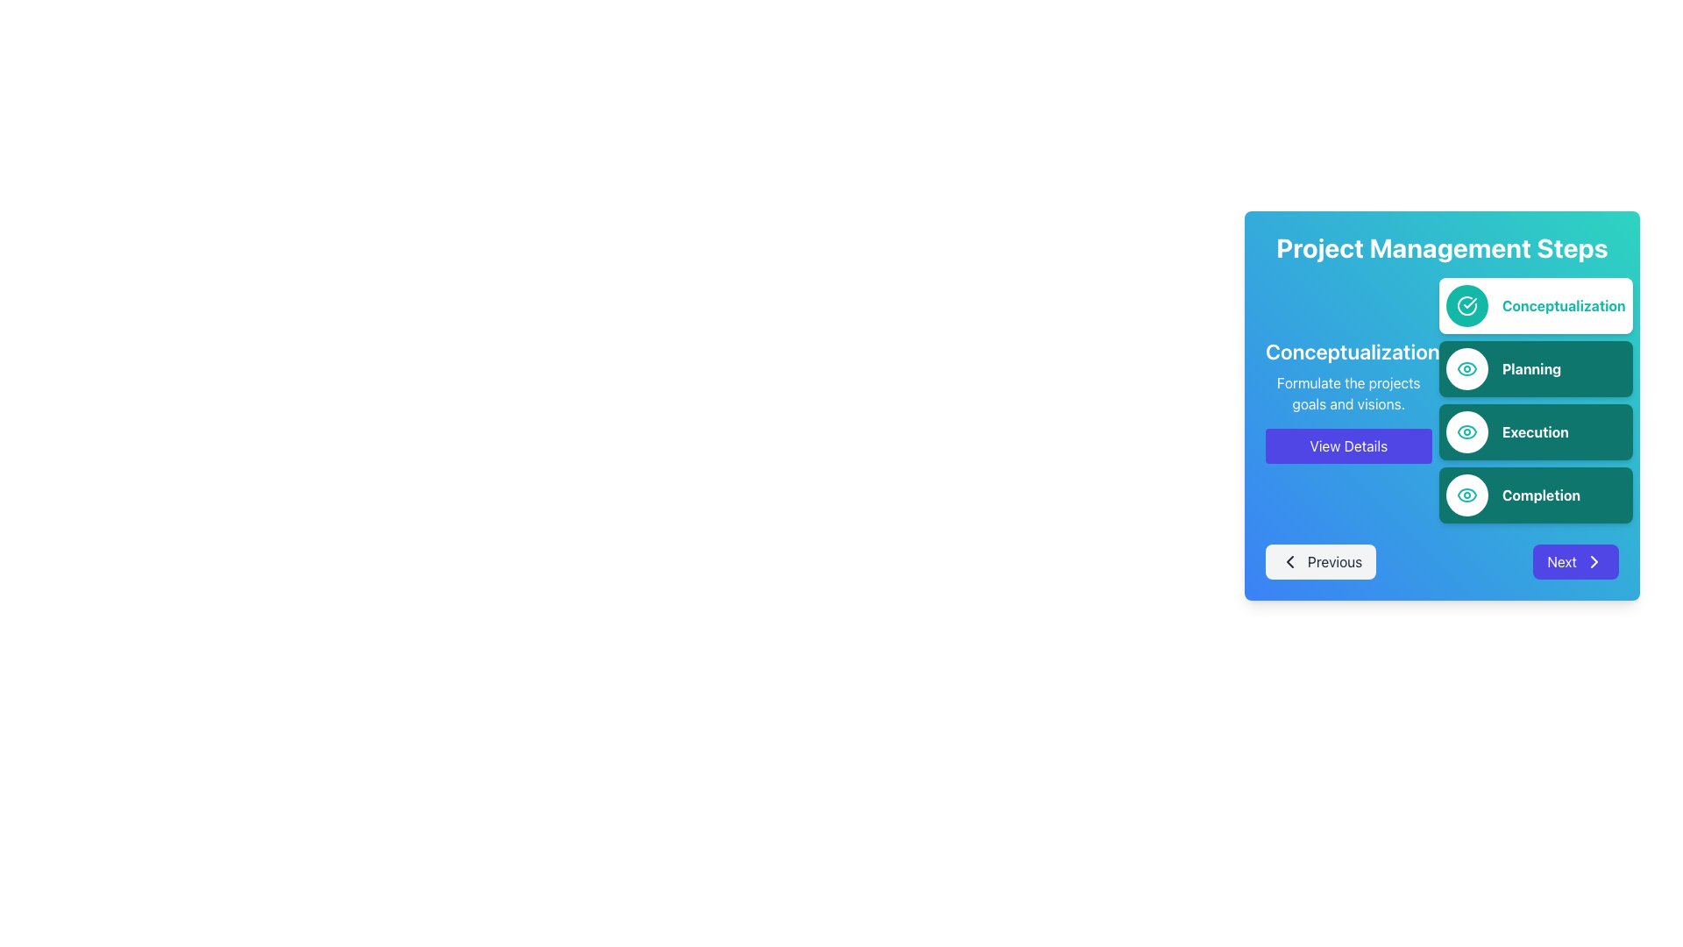  I want to click on the text element stating 'Formulate the projects goals and visions.' which is styled in white font, located below the title 'Conceptualization' and above the 'View Details' button, so click(1347, 392).